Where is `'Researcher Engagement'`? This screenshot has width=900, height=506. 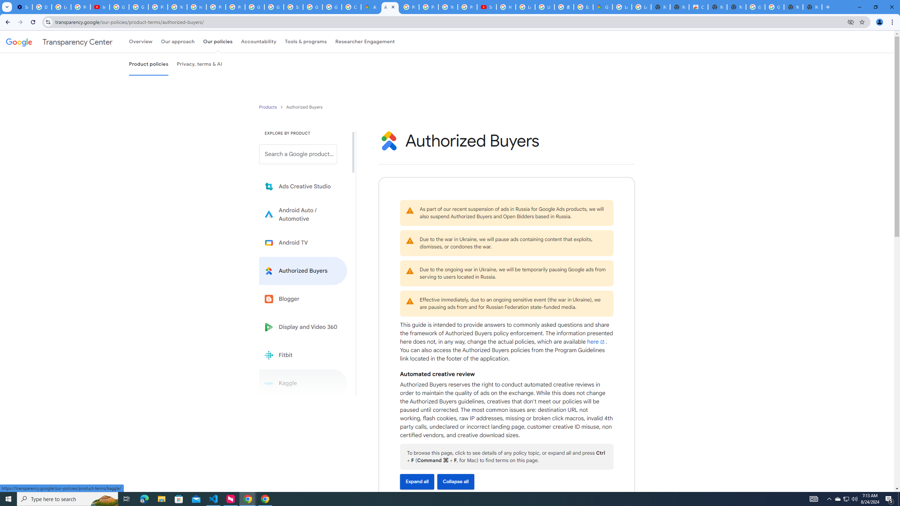
'Researcher Engagement' is located at coordinates (365, 41).